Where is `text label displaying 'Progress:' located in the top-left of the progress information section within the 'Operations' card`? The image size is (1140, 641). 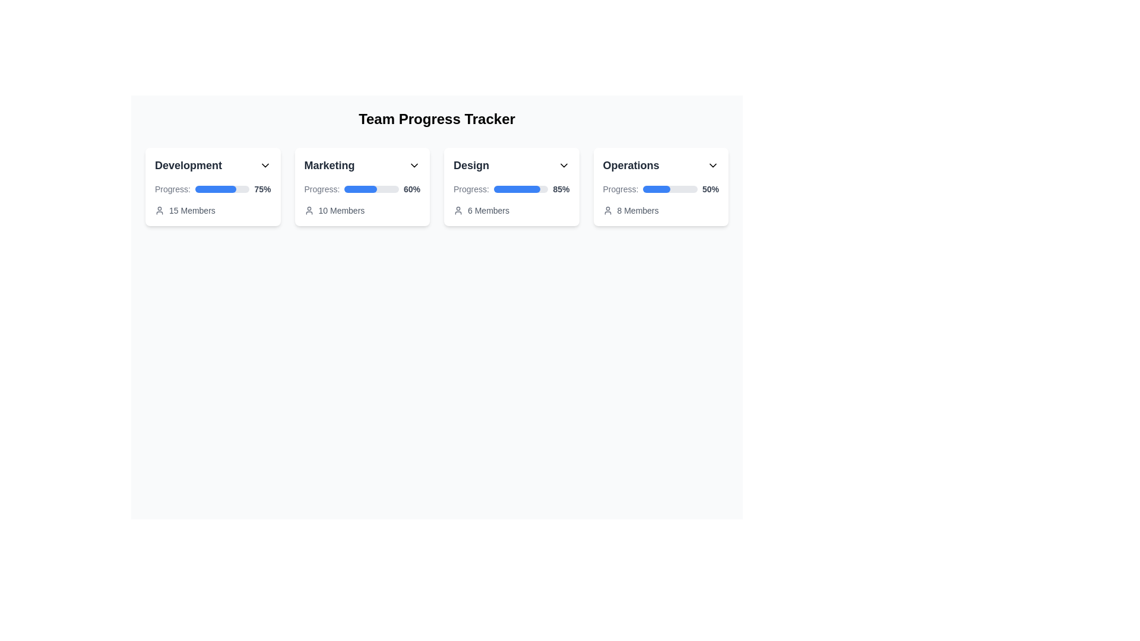 text label displaying 'Progress:' located in the top-left of the progress information section within the 'Operations' card is located at coordinates (620, 189).